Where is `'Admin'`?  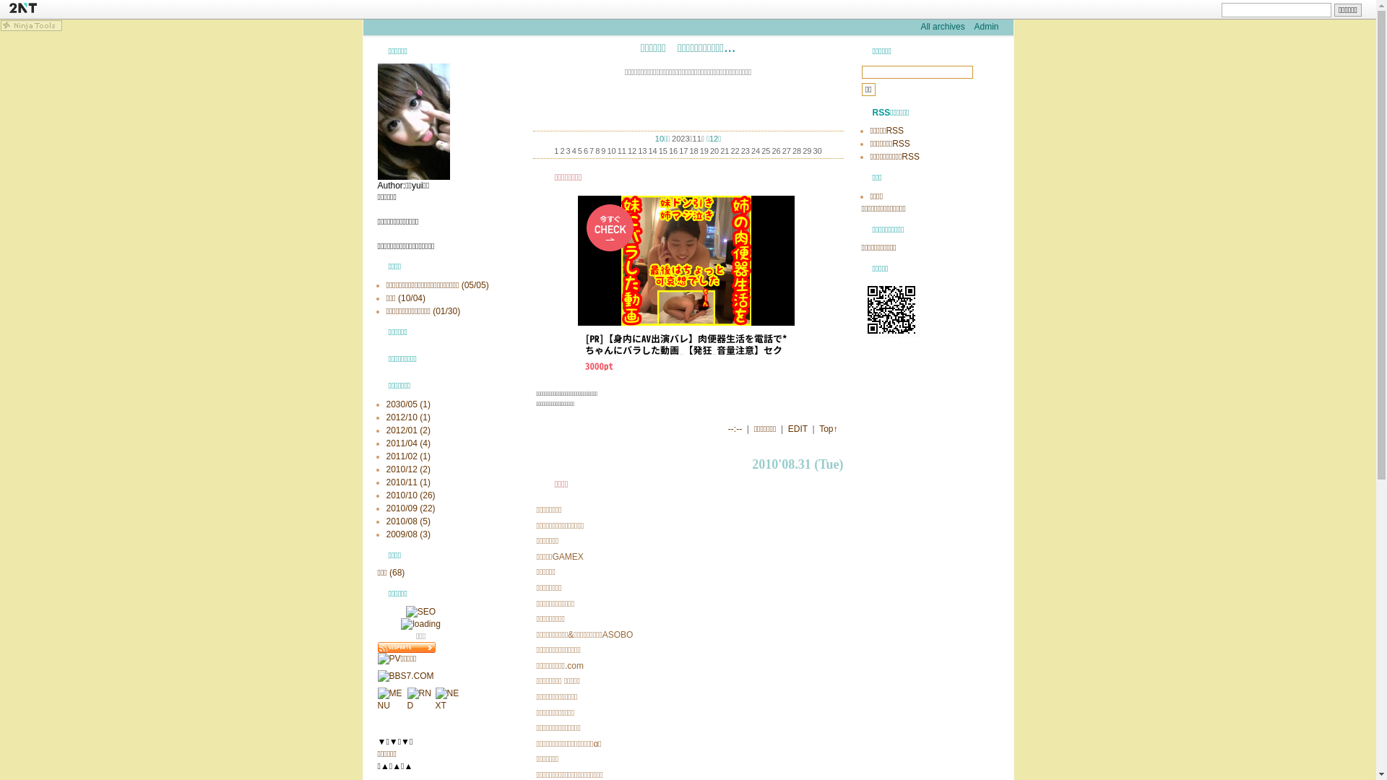
'Admin' is located at coordinates (985, 27).